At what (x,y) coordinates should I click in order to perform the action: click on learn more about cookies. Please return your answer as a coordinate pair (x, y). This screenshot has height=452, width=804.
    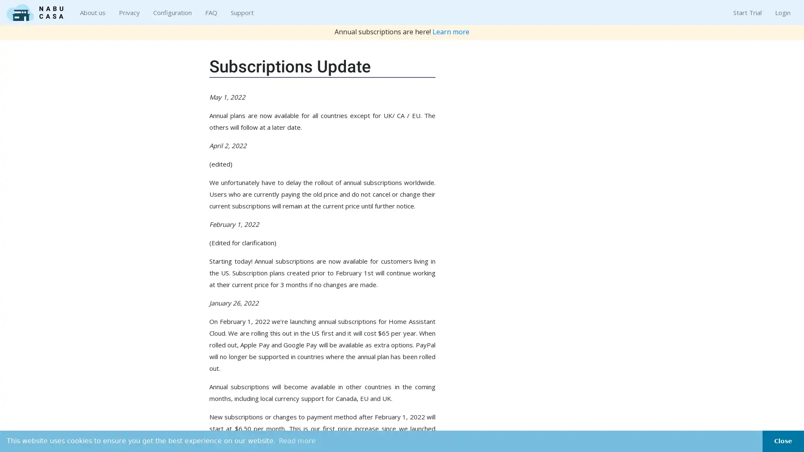
    Looking at the image, I should click on (297, 440).